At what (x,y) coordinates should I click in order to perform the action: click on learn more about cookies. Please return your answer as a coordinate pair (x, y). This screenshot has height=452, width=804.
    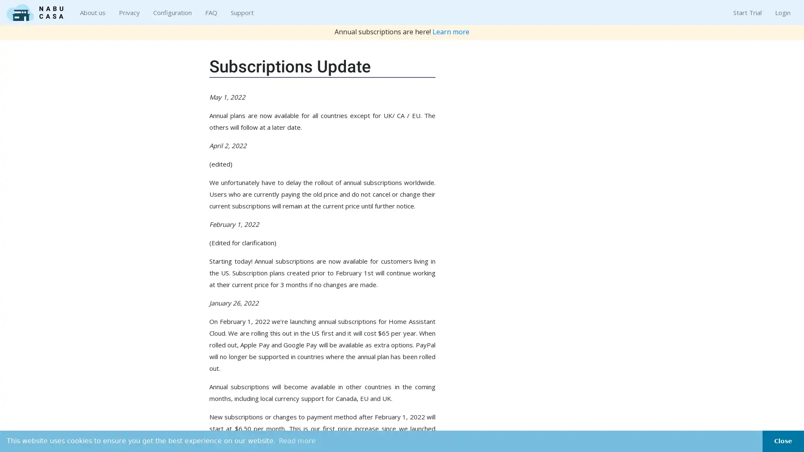
    Looking at the image, I should click on (297, 440).